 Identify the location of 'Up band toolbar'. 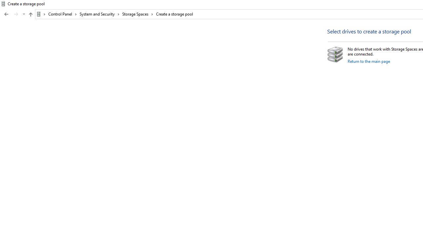
(30, 15).